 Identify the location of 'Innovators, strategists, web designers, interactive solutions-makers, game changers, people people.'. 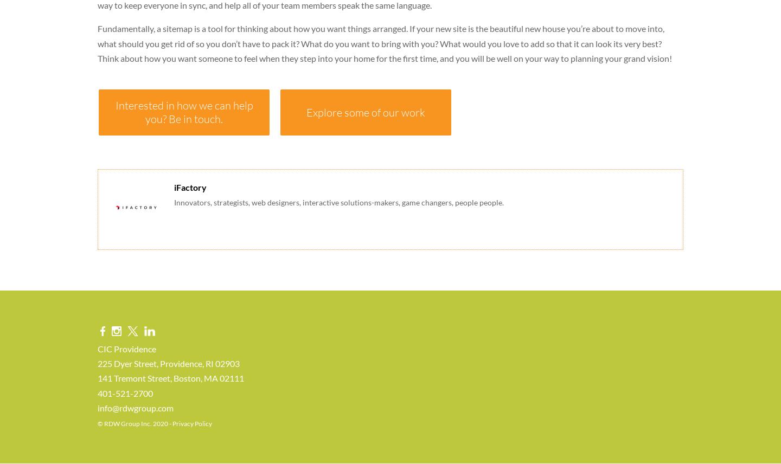
(174, 202).